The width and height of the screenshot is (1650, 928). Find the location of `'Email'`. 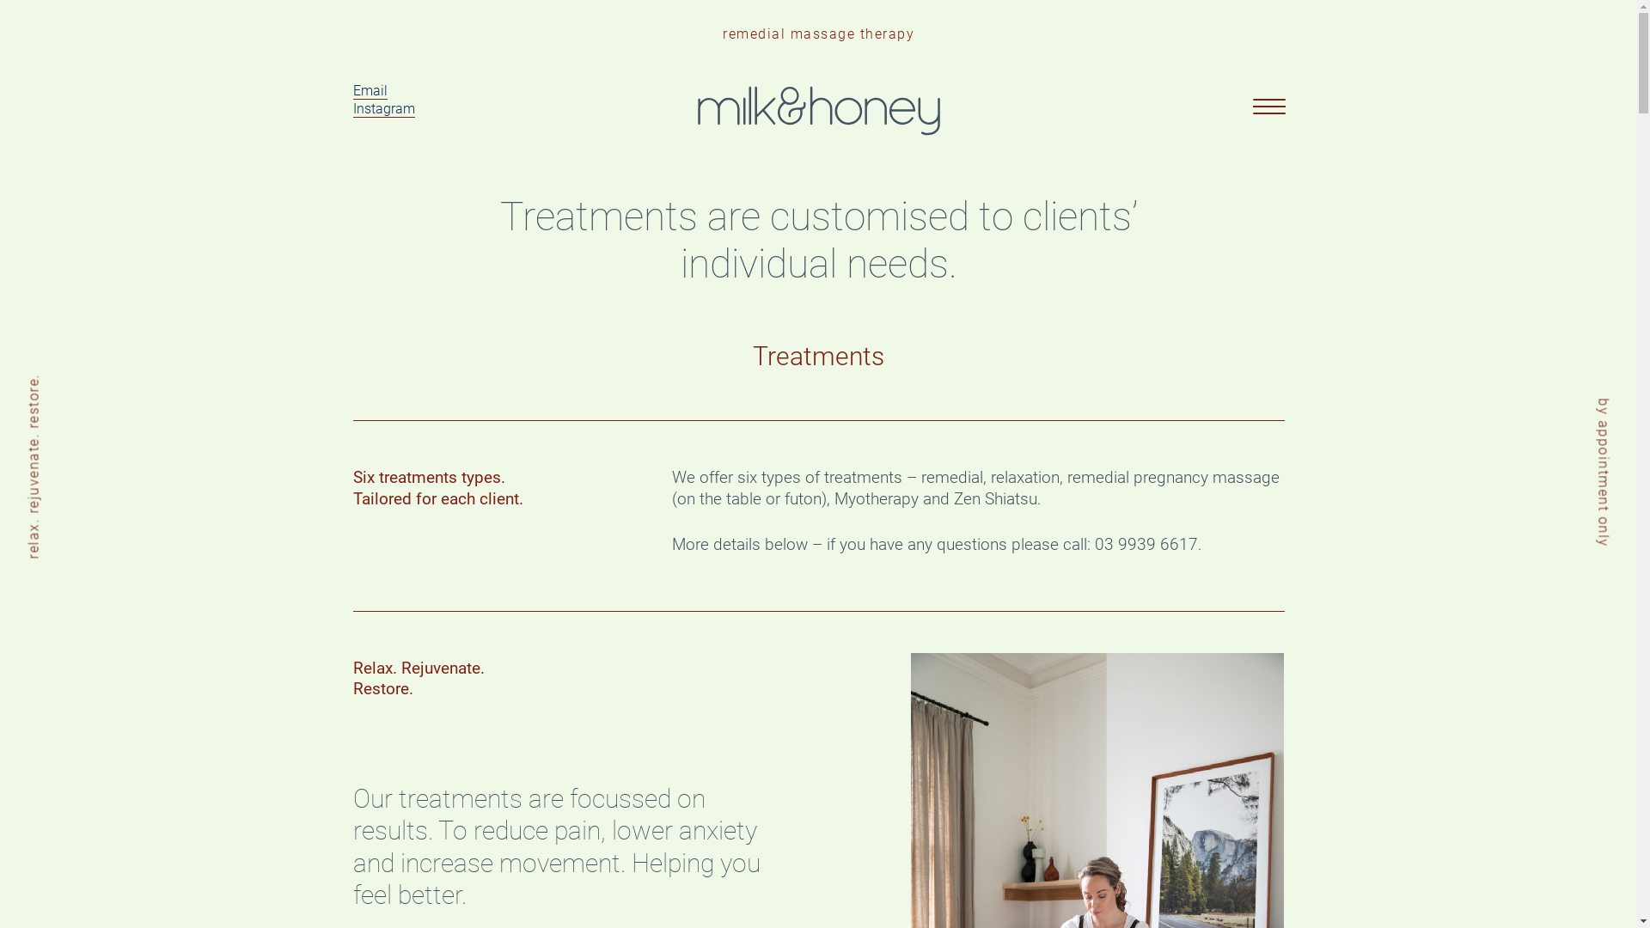

'Email' is located at coordinates (369, 90).